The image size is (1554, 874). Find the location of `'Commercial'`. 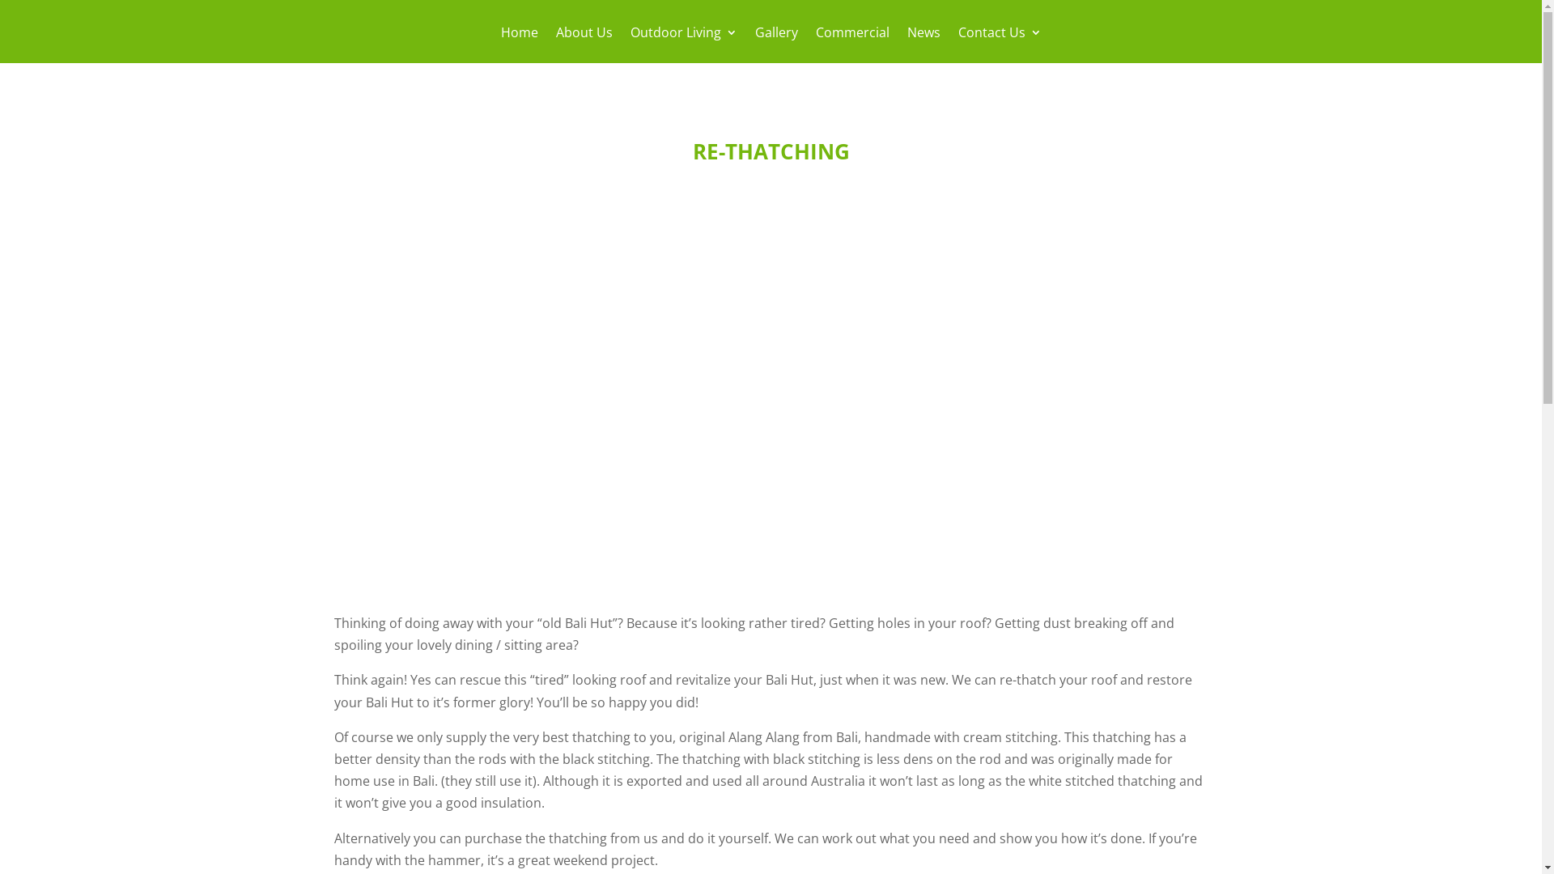

'Commercial' is located at coordinates (851, 43).